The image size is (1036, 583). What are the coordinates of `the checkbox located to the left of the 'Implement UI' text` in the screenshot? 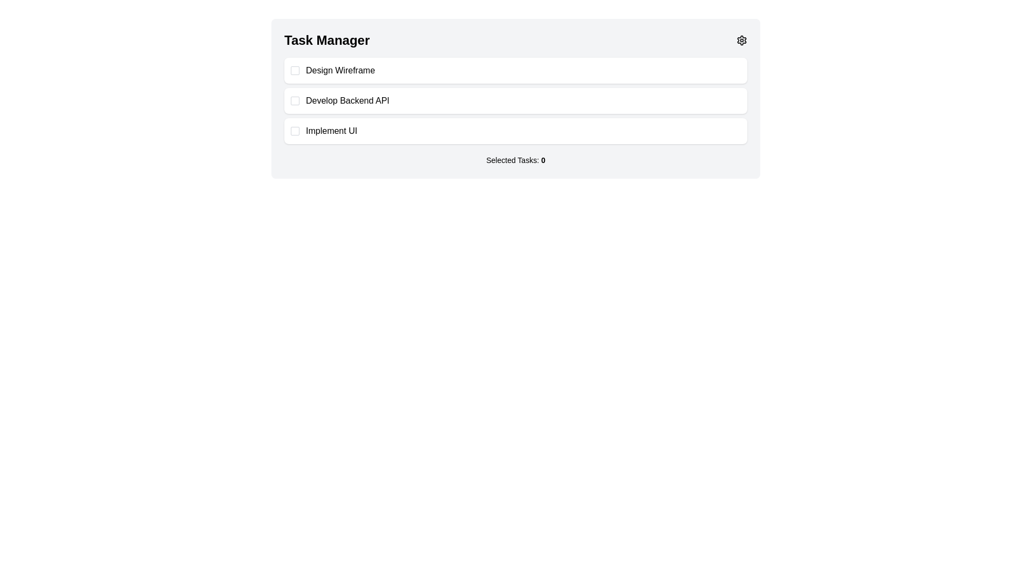 It's located at (295, 131).